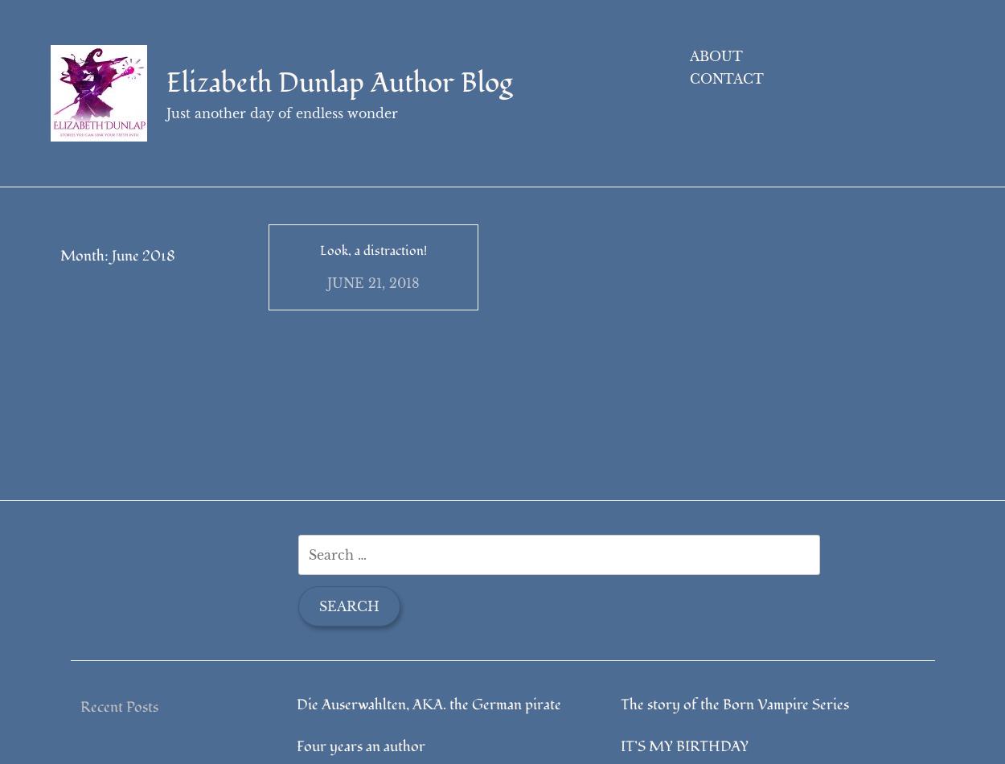 The height and width of the screenshot is (764, 1005). I want to click on 'IT’S MY BIRTHDAY', so click(683, 745).